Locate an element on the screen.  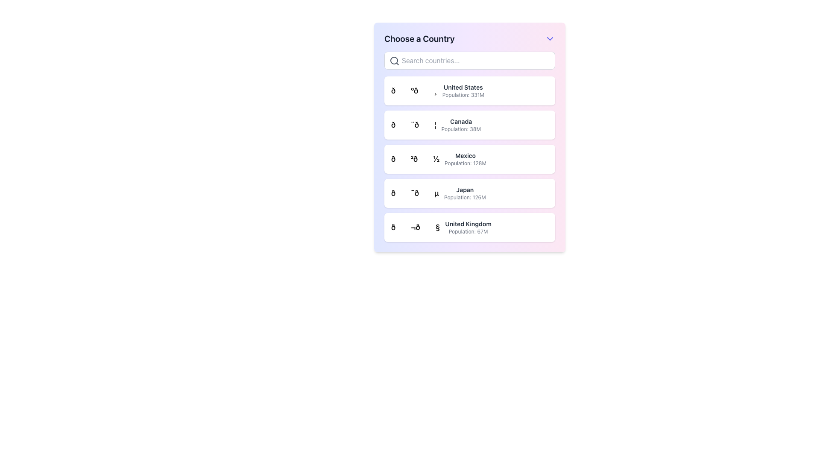
to select the country 'United Kingdom' from the vertically stacked list of country cards, which is the fifth card in the sequence is located at coordinates (469, 227).